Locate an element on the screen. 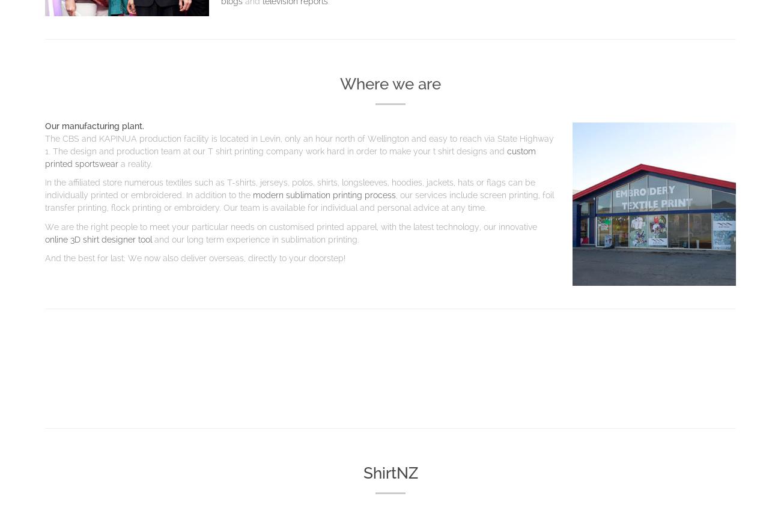  'Our manufacturing plant.' is located at coordinates (94, 124).